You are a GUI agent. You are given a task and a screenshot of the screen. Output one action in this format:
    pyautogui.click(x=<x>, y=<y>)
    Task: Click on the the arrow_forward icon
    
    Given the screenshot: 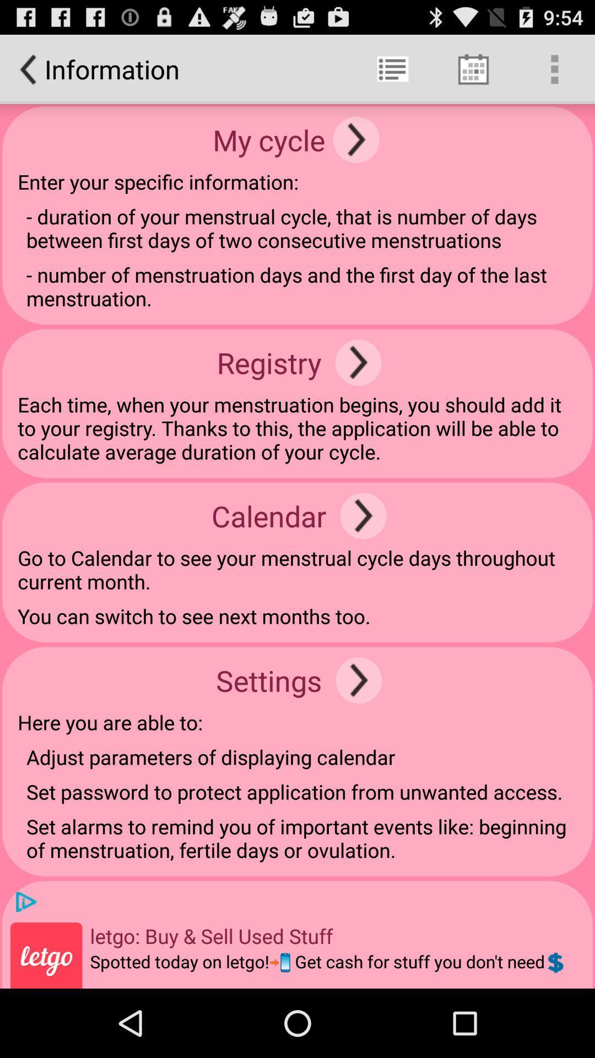 What is the action you would take?
    pyautogui.click(x=363, y=552)
    